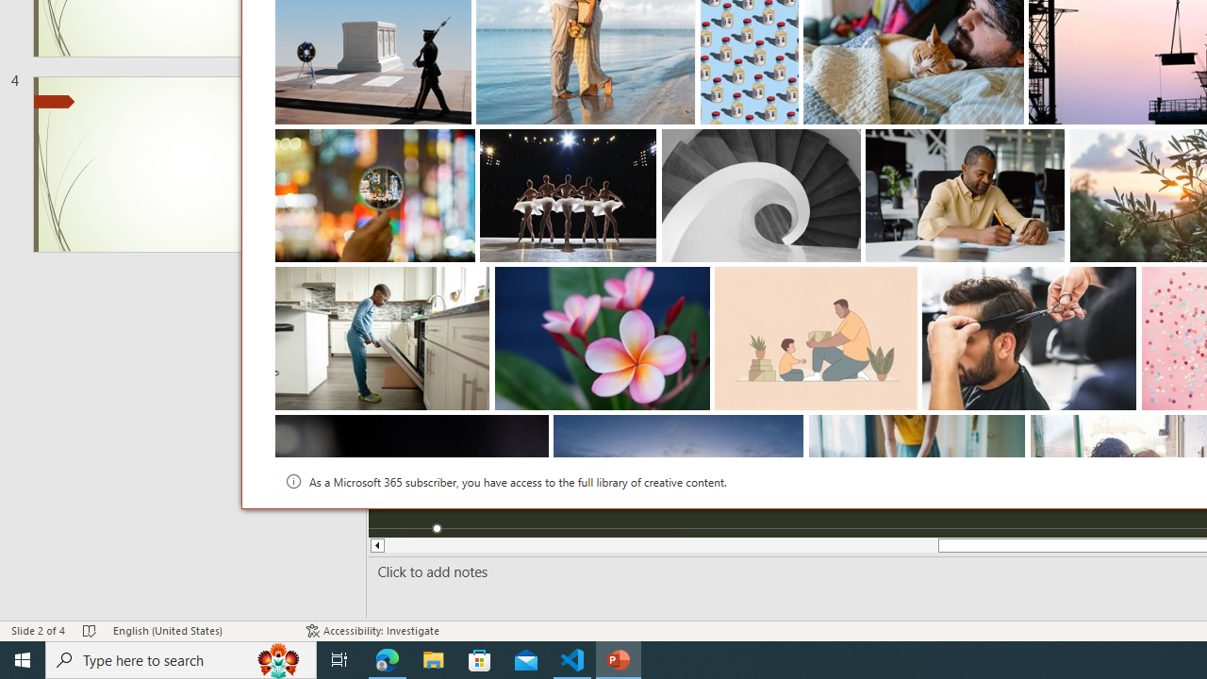  What do you see at coordinates (372, 631) in the screenshot?
I see `'Accessibility Checker Accessibility: Investigate'` at bounding box center [372, 631].